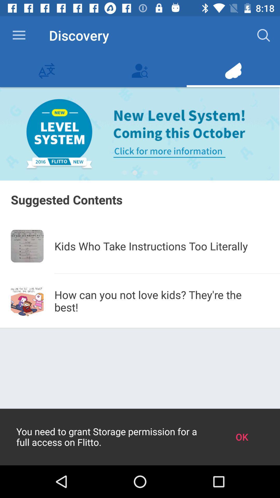 The width and height of the screenshot is (280, 498). What do you see at coordinates (264, 35) in the screenshot?
I see `the app to the right of discovery` at bounding box center [264, 35].